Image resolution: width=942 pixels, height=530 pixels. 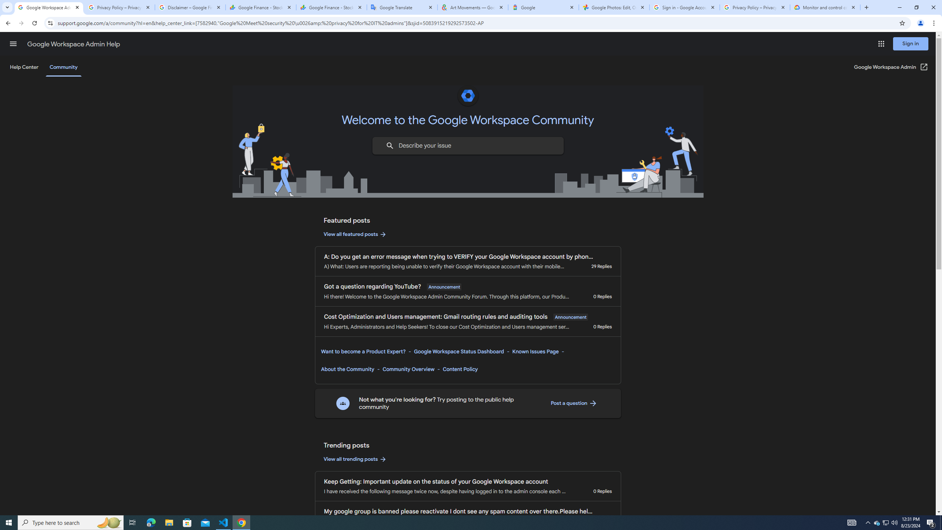 What do you see at coordinates (458, 351) in the screenshot?
I see `'Google Workspace Status Dashboard'` at bounding box center [458, 351].